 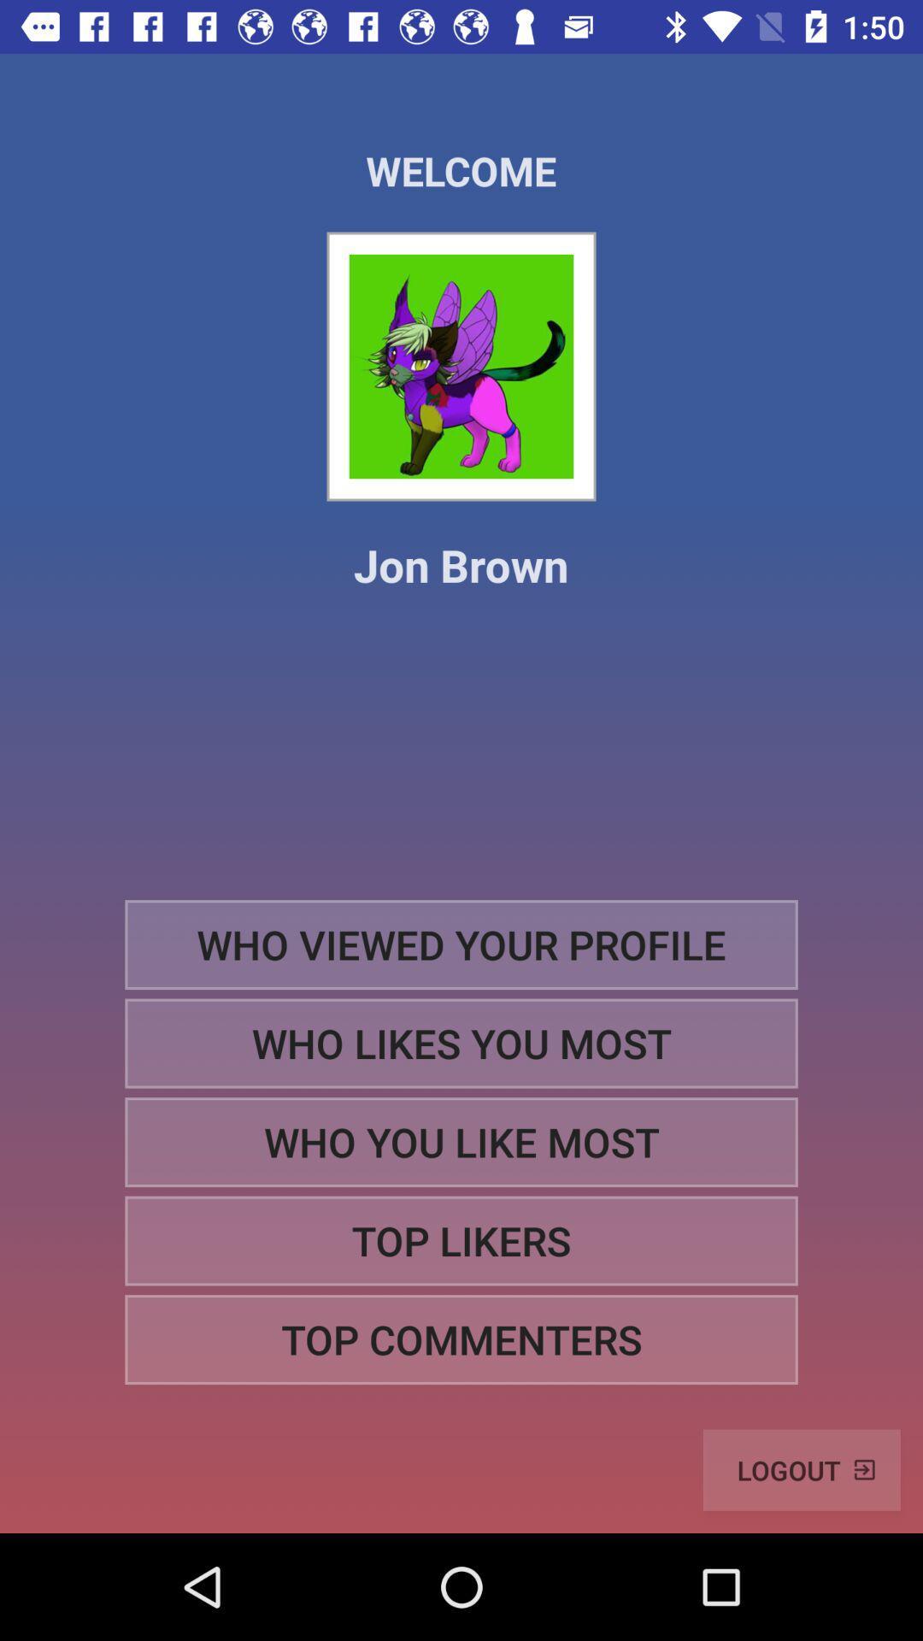 What do you see at coordinates (461, 1241) in the screenshot?
I see `item above the top commenters item` at bounding box center [461, 1241].